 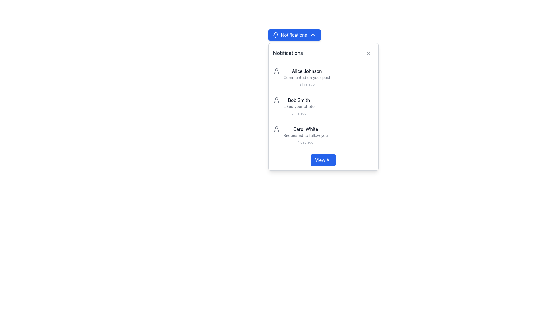 I want to click on the text label displaying 'Requested to follow you', which is located below 'Carol White' and above '1 day ago' in the third notification entry, so click(x=305, y=135).